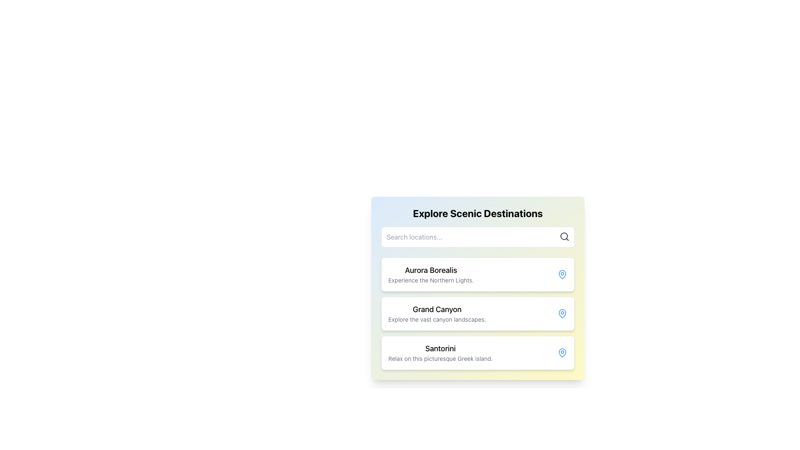 Image resolution: width=800 pixels, height=450 pixels. What do you see at coordinates (437, 310) in the screenshot?
I see `displayed text of the text label 'Grand Canyon' which is styled with a medium font size and bold typography, located above the subtext in the second list item under the heading 'Explore Scenic Destinations'` at bounding box center [437, 310].